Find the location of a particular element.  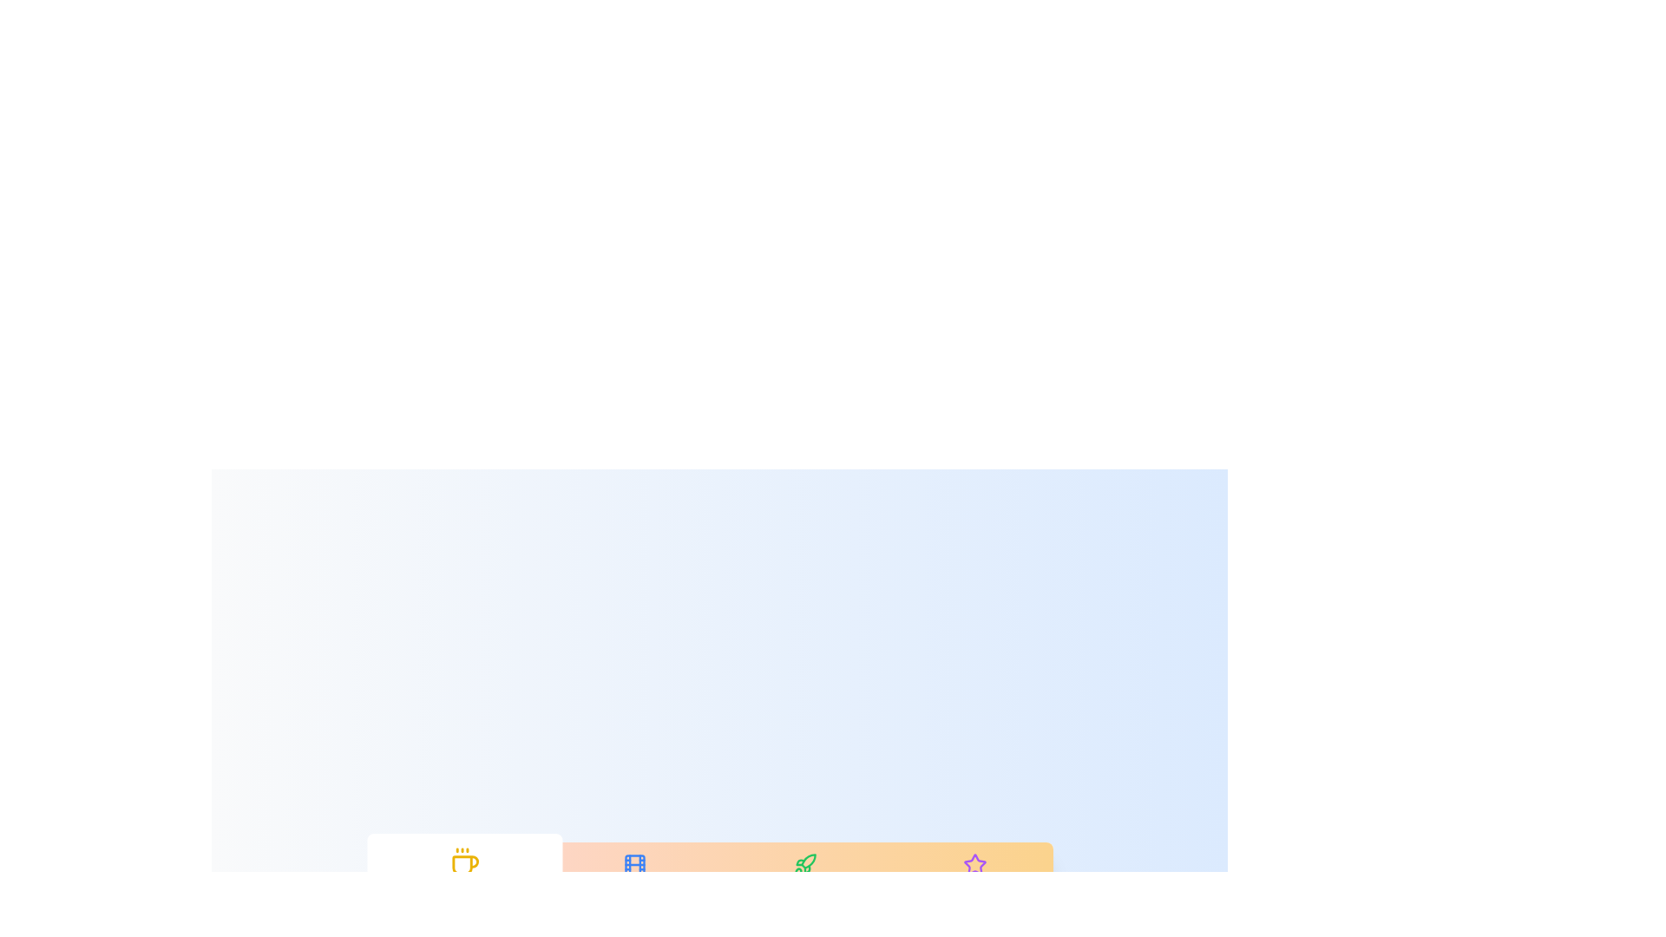

the tab labeled Relax to observe hover effects is located at coordinates (464, 876).